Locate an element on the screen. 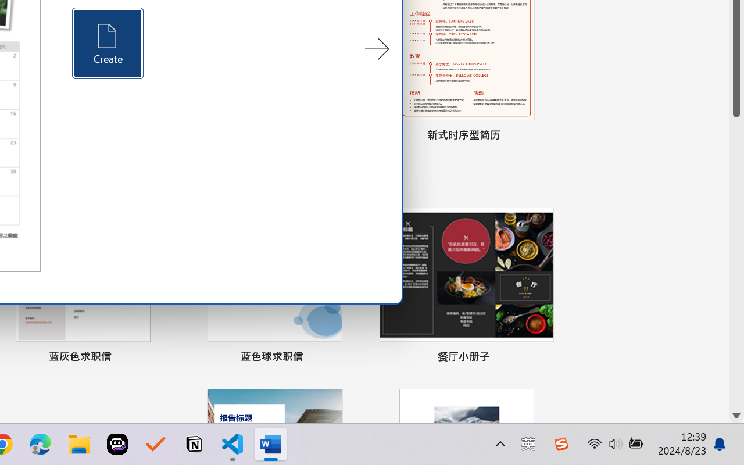 Image resolution: width=744 pixels, height=465 pixels. 'Page down' is located at coordinates (736, 262).